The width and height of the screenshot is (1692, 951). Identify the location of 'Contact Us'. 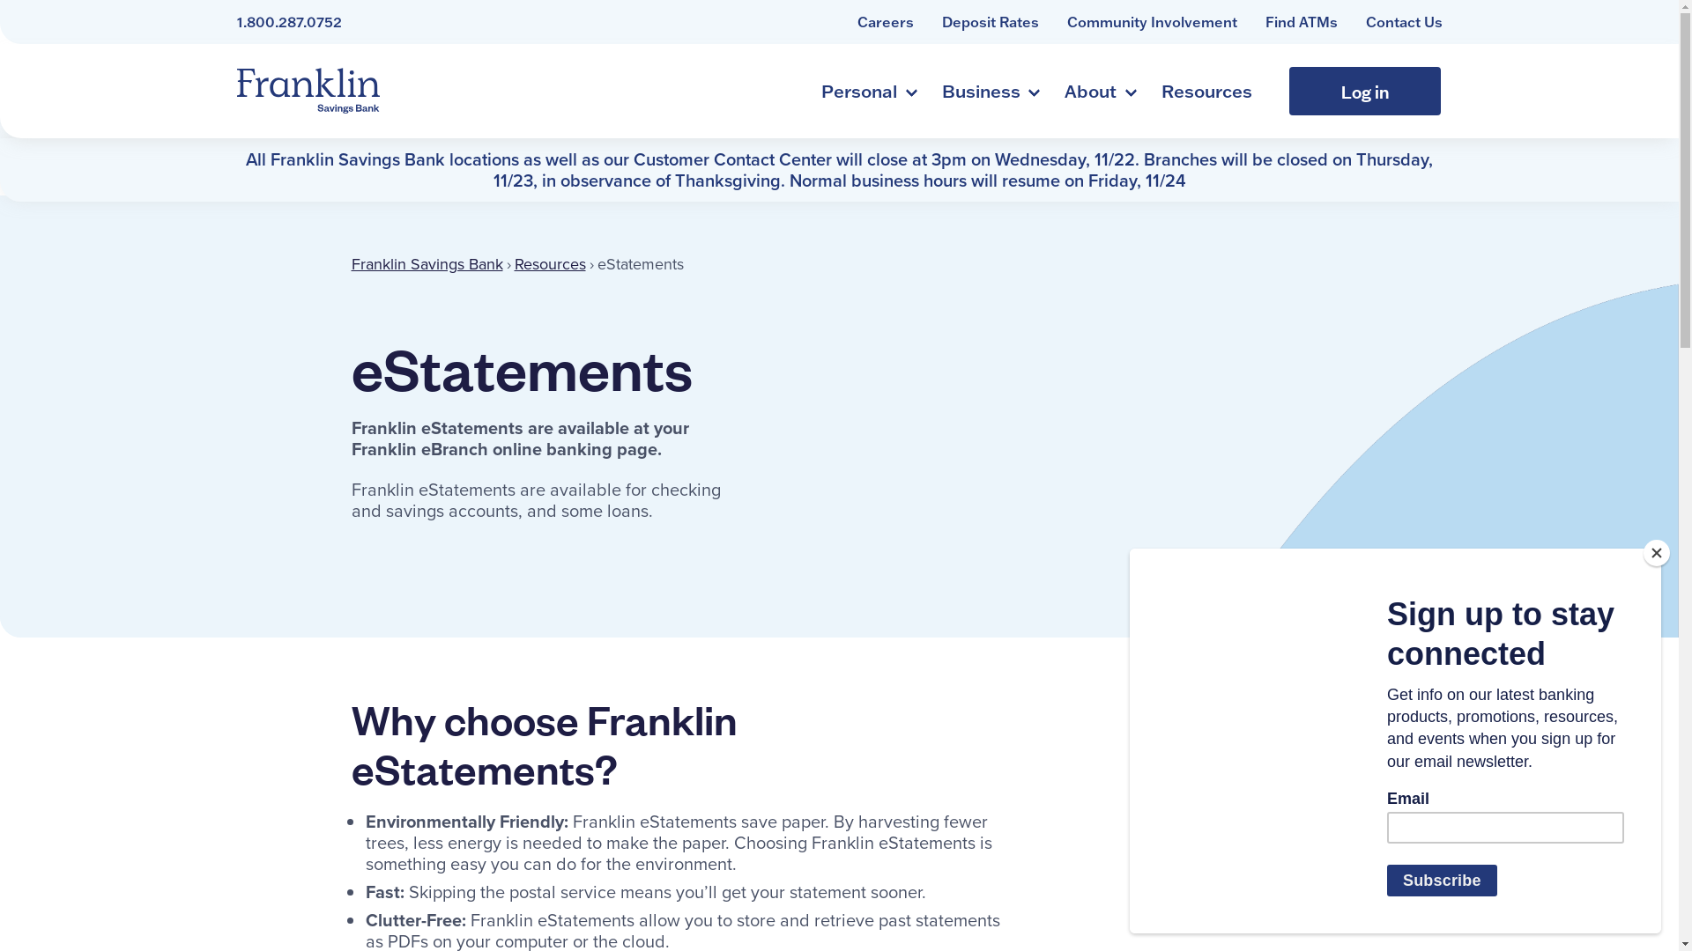
(1351, 21).